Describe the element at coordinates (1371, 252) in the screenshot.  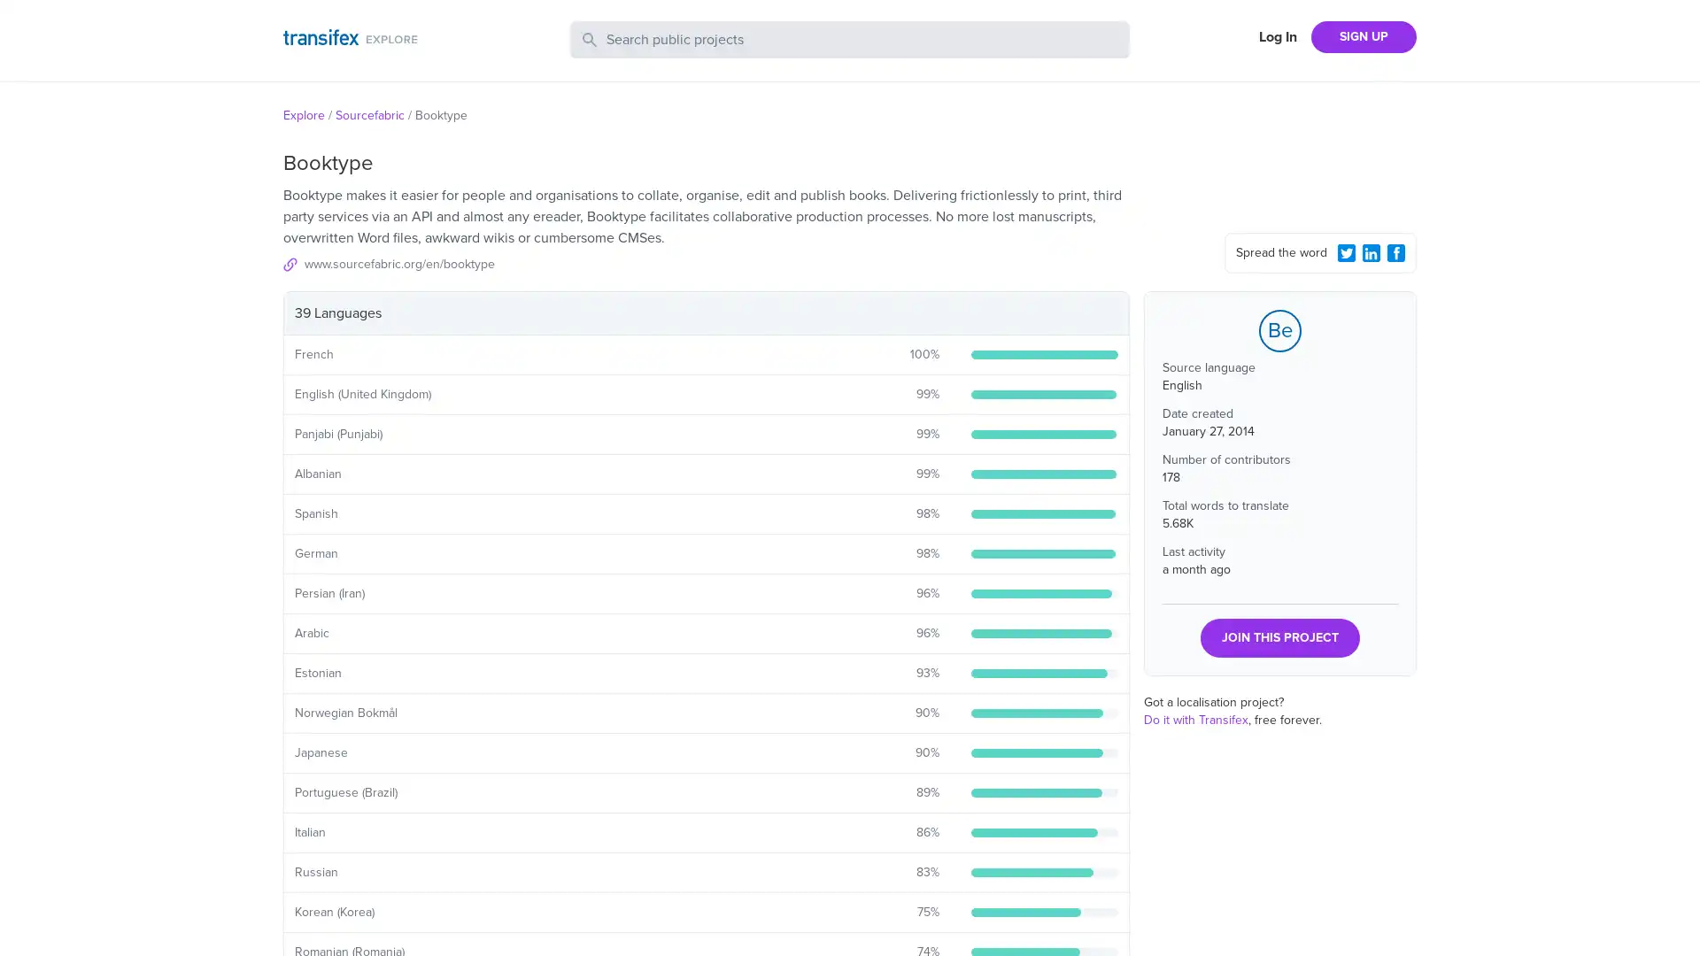
I see `LinkedIn Share` at that location.